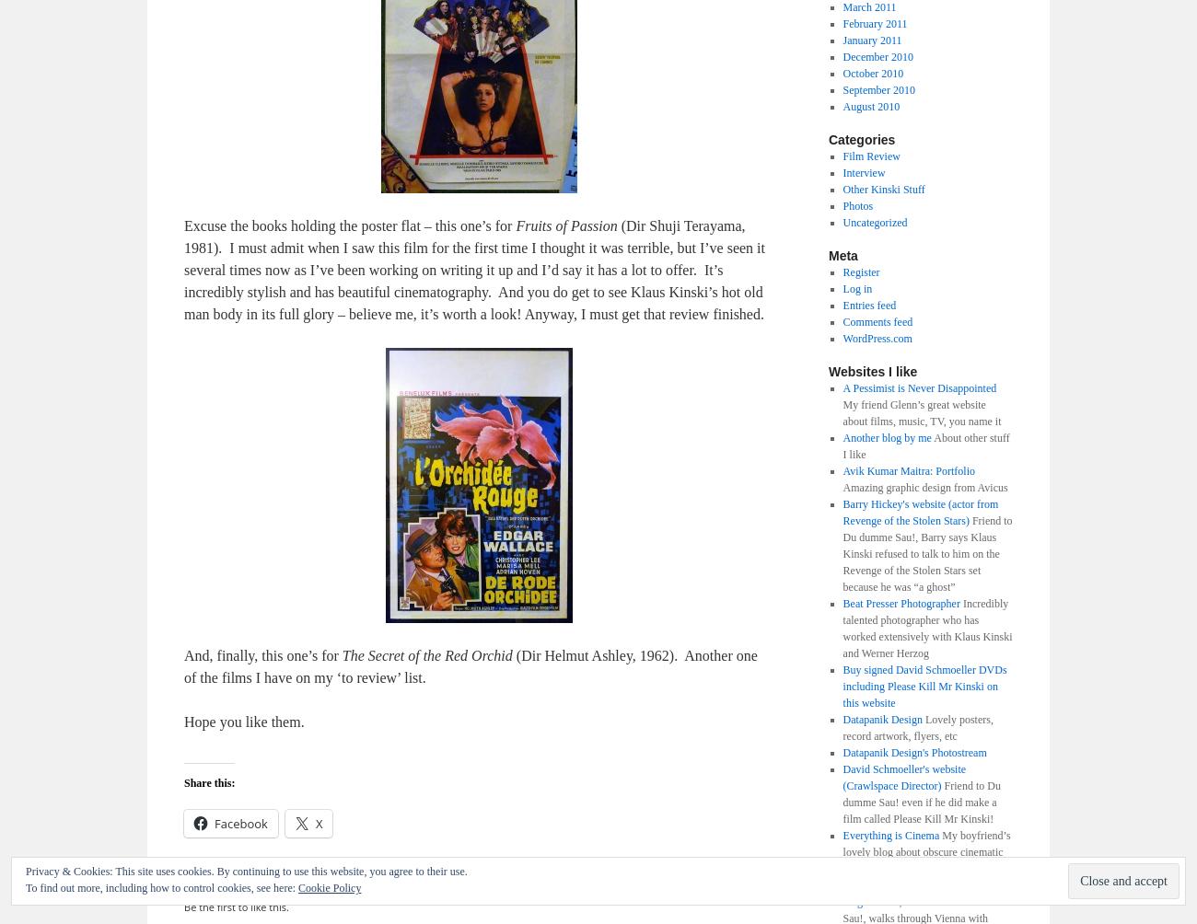 The width and height of the screenshot is (1197, 924). What do you see at coordinates (918, 892) in the screenshot?
I see `'From Austria For The World video blog'` at bounding box center [918, 892].